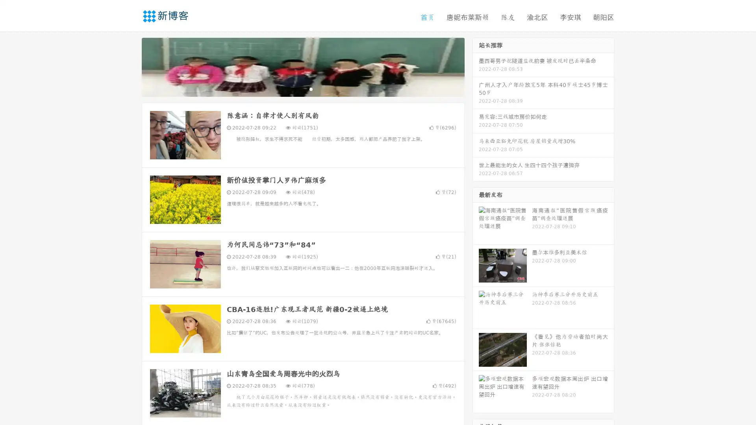  Describe the element at coordinates (295, 89) in the screenshot. I see `Go to slide 1` at that location.